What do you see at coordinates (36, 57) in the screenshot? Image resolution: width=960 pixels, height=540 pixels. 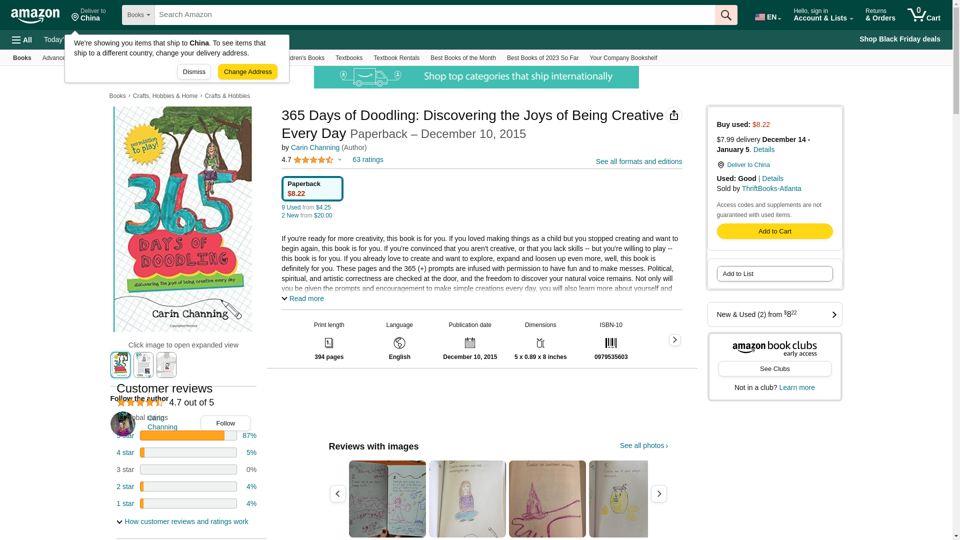 I see `'Advanced Search'` at bounding box center [36, 57].